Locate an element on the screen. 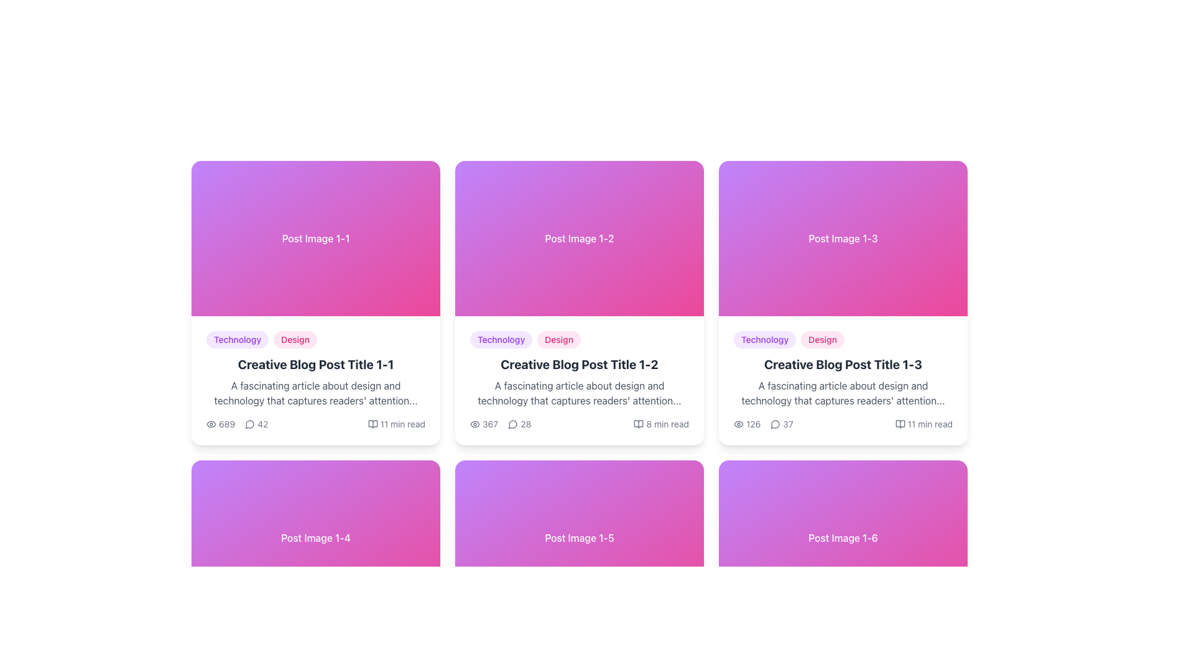 The height and width of the screenshot is (671, 1194). the text label displaying the comment count '42' located in the bottom-left corner of the card for the post titled 'Creative Blog Post Title 1-1' is located at coordinates (256, 423).